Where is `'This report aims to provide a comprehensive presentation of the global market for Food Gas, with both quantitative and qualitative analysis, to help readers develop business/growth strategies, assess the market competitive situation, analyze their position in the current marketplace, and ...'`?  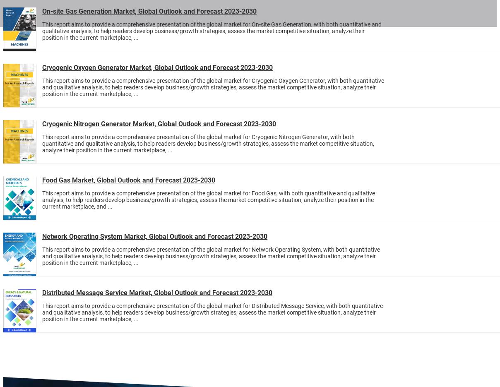 'This report aims to provide a comprehensive presentation of the global market for Food Gas, with both quantitative and qualitative analysis, to help readers develop business/growth strategies, assess the market competitive situation, analyze their position in the current marketplace, and ...' is located at coordinates (41, 200).